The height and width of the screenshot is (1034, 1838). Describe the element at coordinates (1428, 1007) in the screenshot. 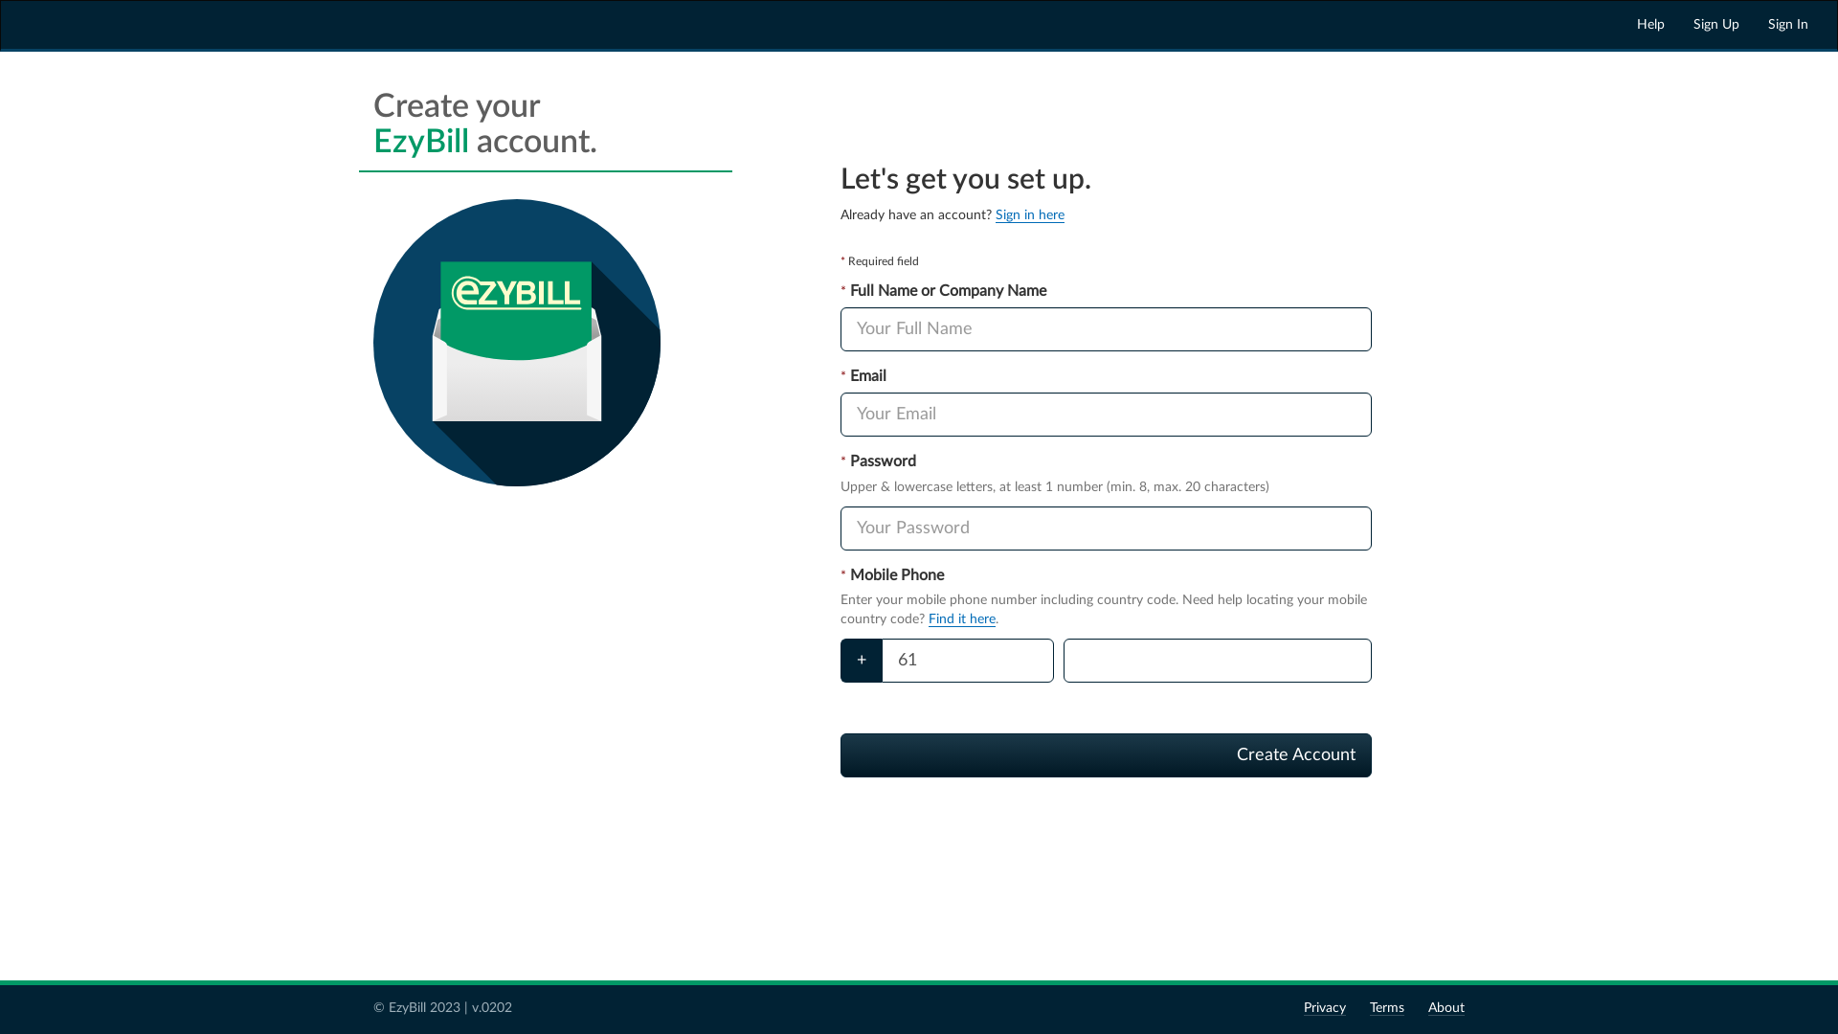

I see `'About'` at that location.